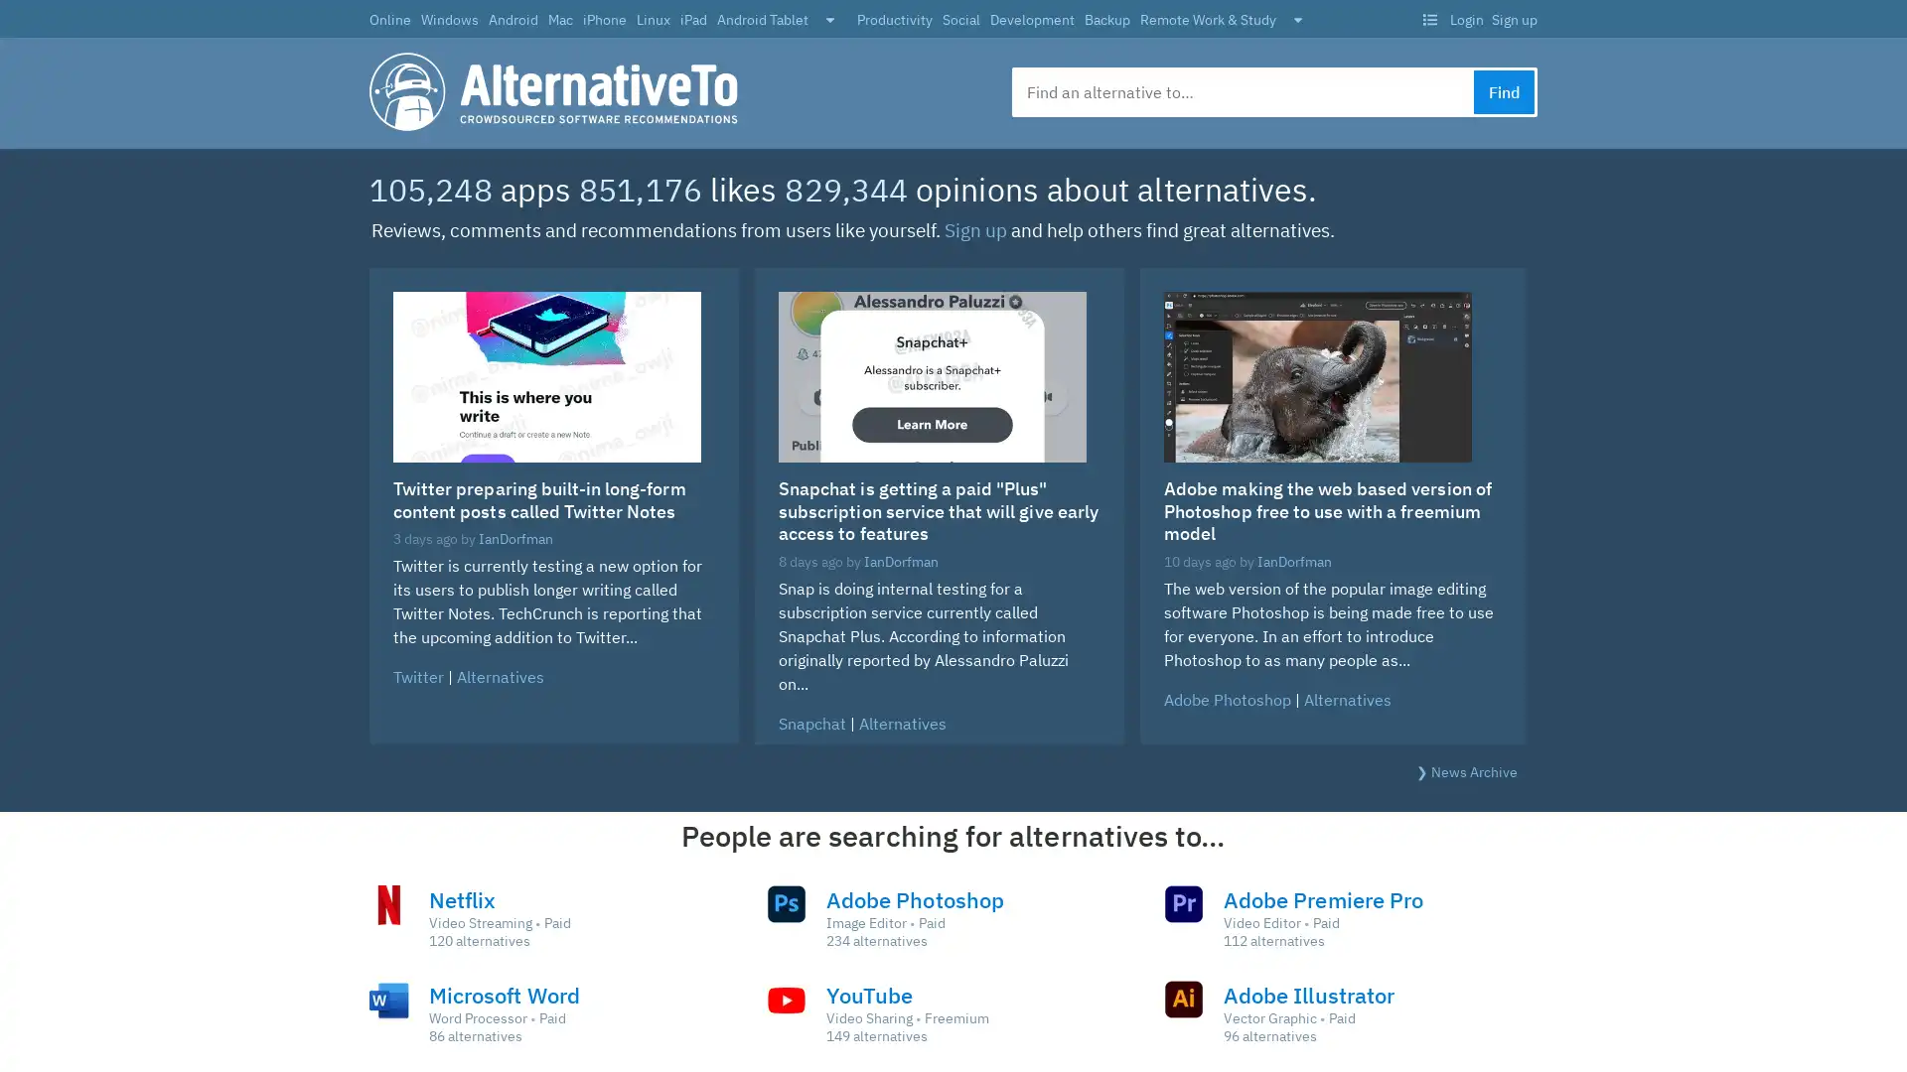  What do you see at coordinates (1297, 21) in the screenshot?
I see `Show all categories` at bounding box center [1297, 21].